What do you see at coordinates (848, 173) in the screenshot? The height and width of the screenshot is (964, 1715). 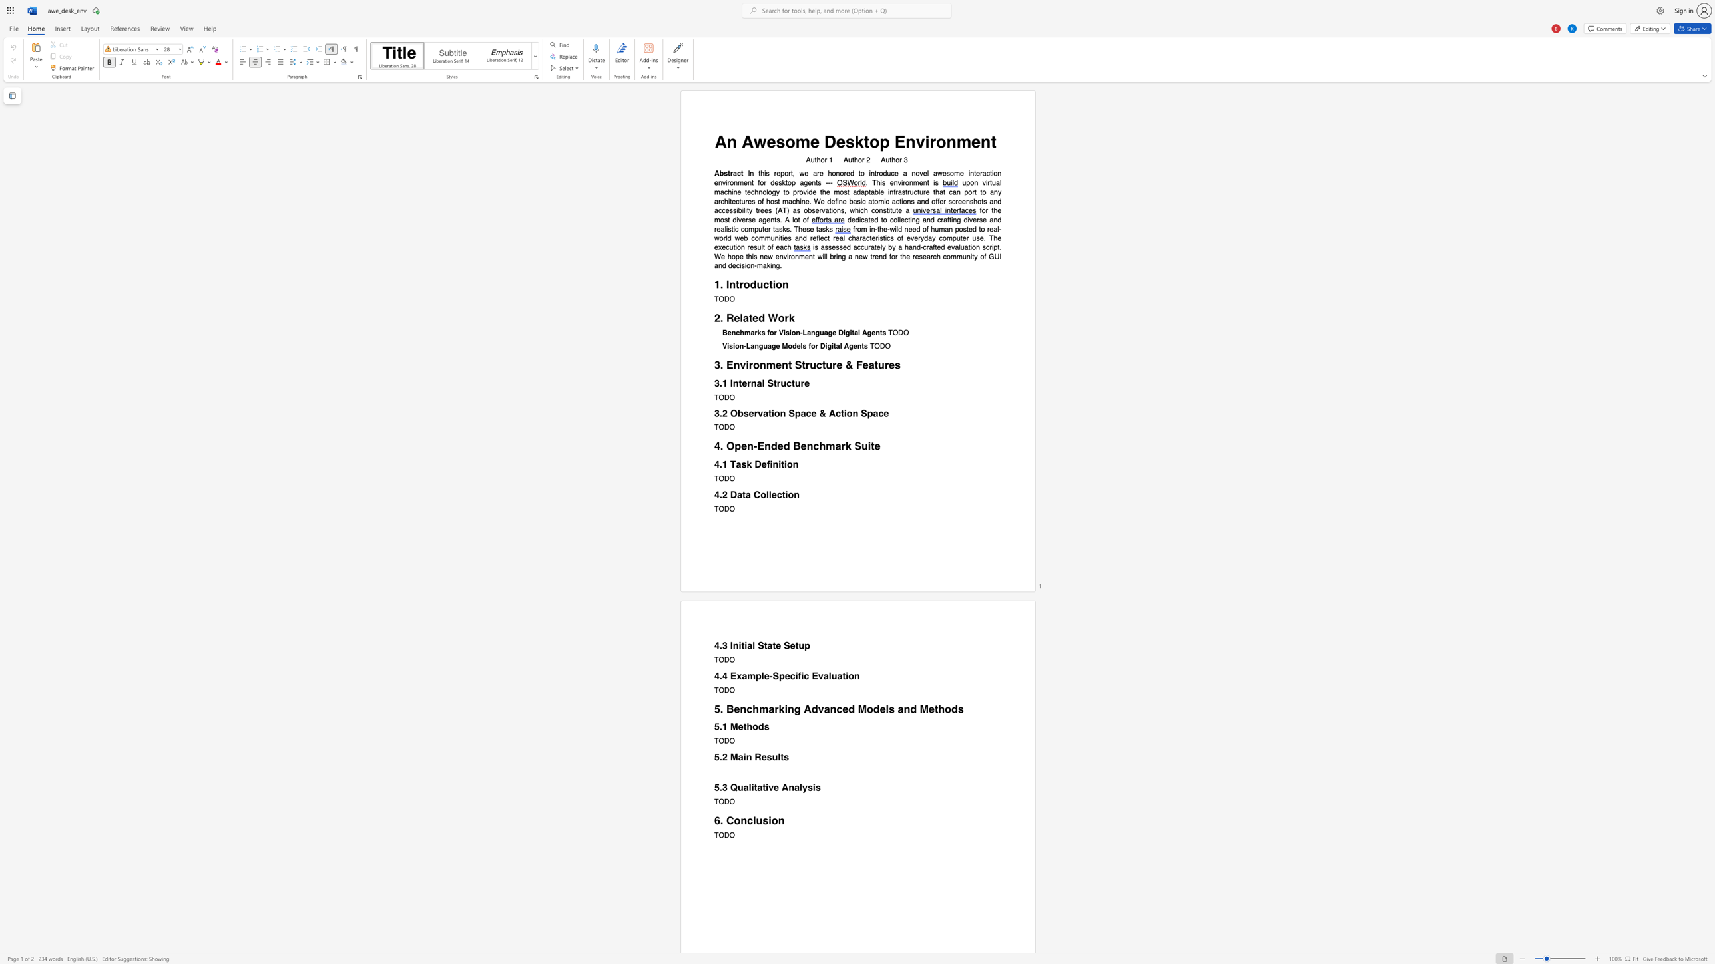 I see `the 4th character "e" in the text` at bounding box center [848, 173].